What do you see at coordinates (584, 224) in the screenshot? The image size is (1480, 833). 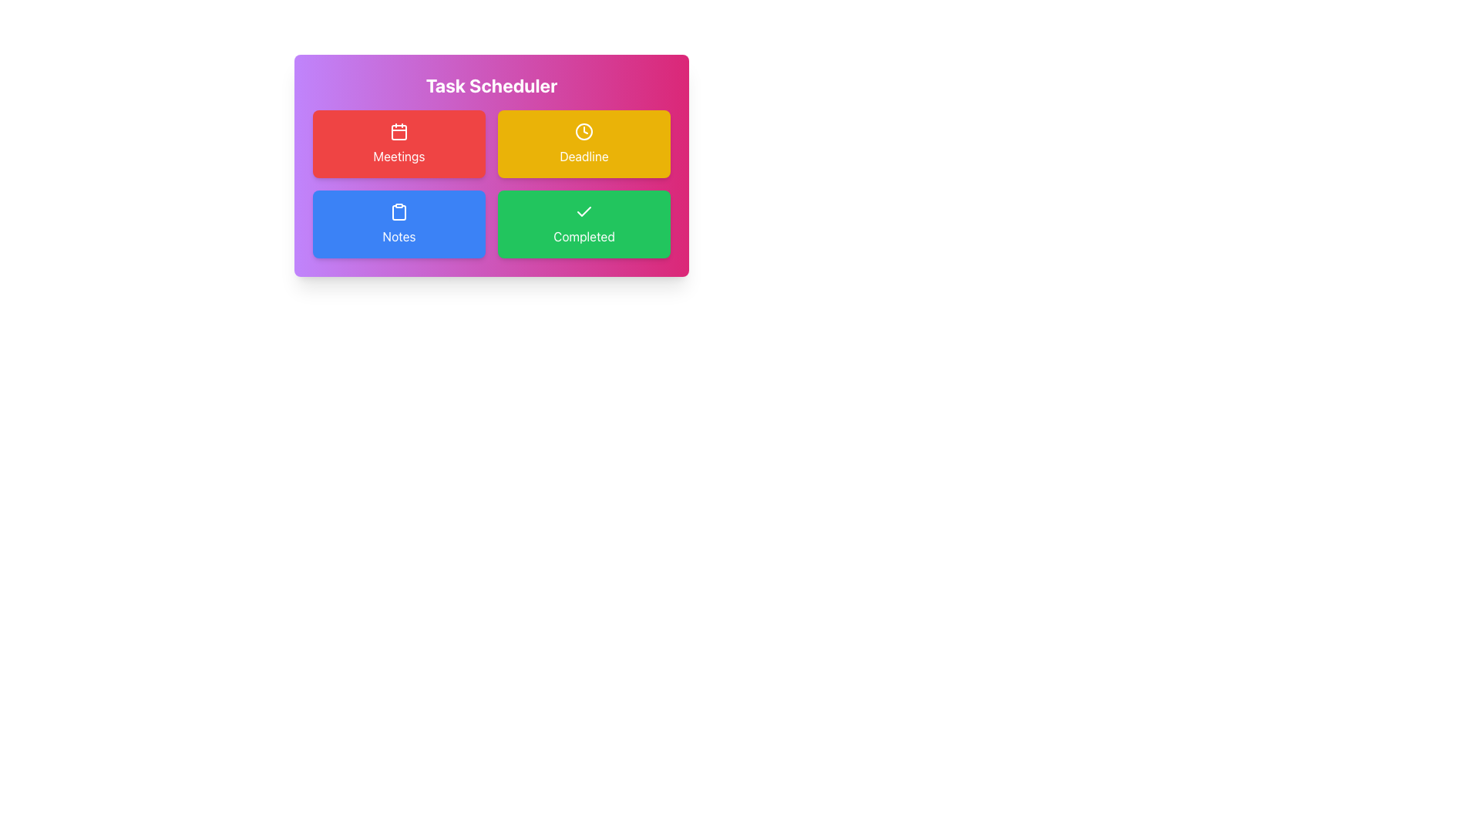 I see `the green 'Completed' button with white text and a check icon` at bounding box center [584, 224].